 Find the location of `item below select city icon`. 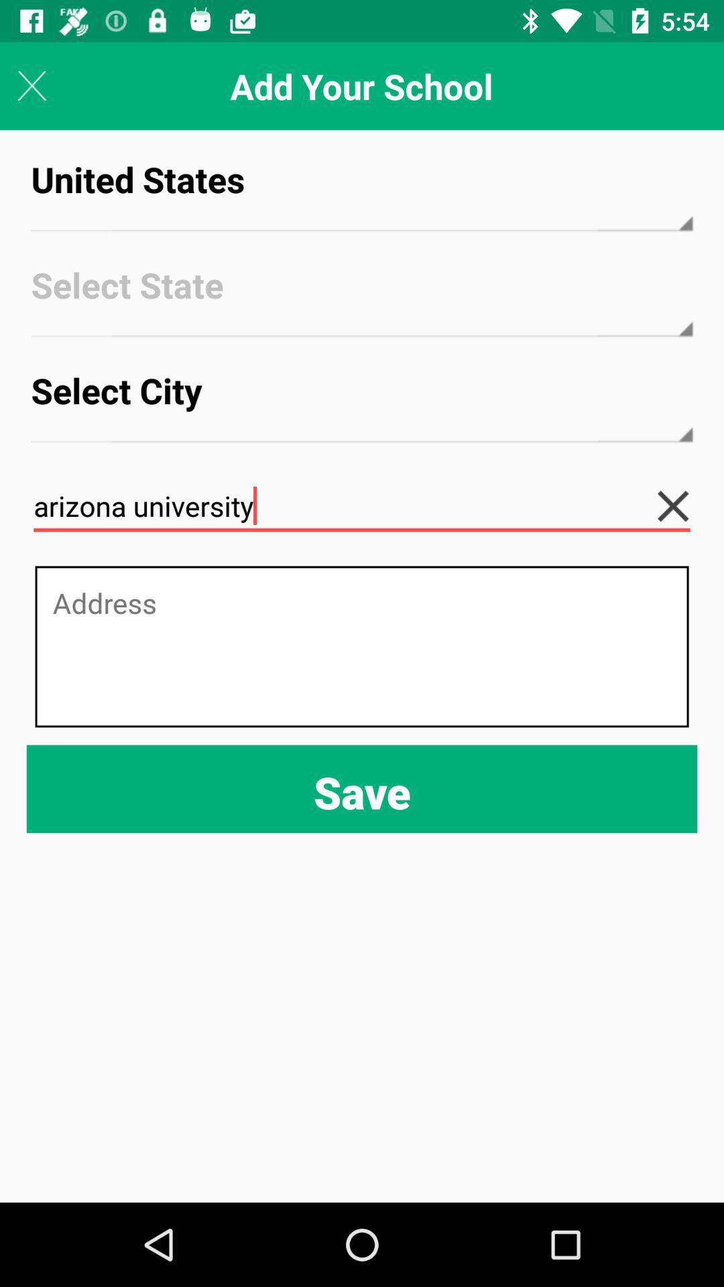

item below select city icon is located at coordinates (362, 505).